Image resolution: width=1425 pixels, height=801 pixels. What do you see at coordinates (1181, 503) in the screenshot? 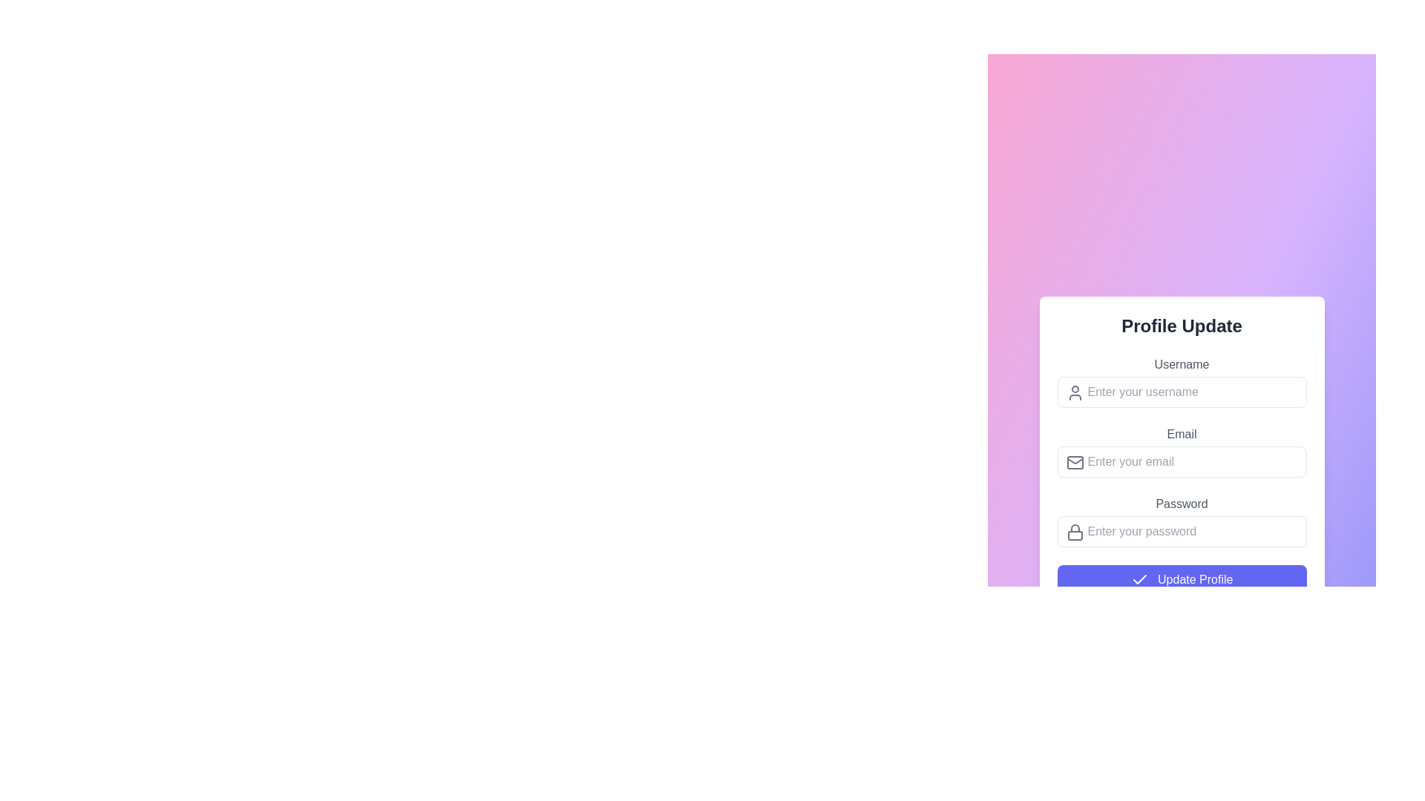
I see `the 'Password' label element, which is displayed in gray font above the password input field in the 'Profile Update' form` at bounding box center [1181, 503].